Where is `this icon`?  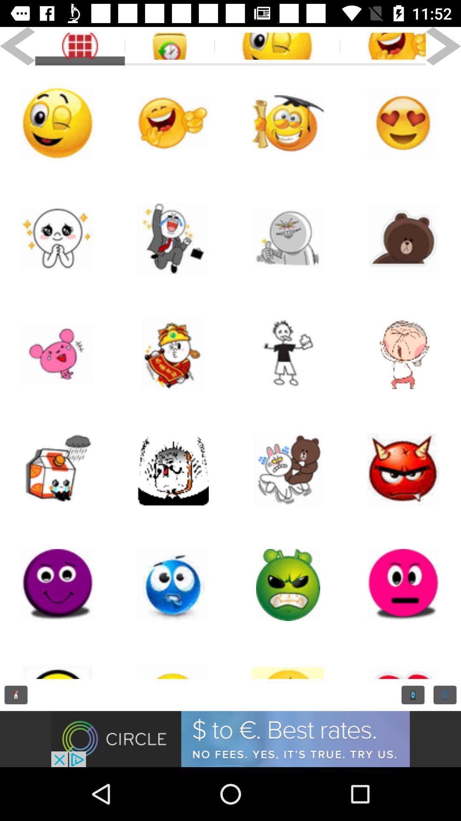
this icon is located at coordinates (173, 660).